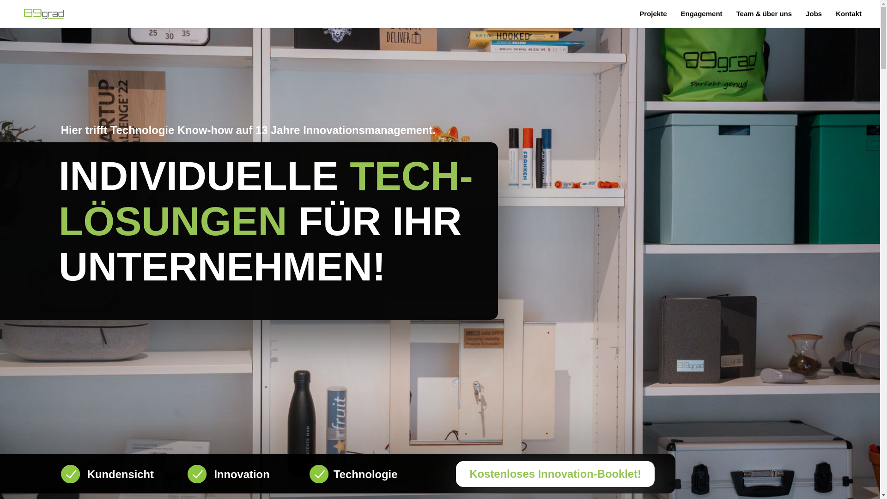  Describe the element at coordinates (836, 13) in the screenshot. I see `'Kontakt'` at that location.